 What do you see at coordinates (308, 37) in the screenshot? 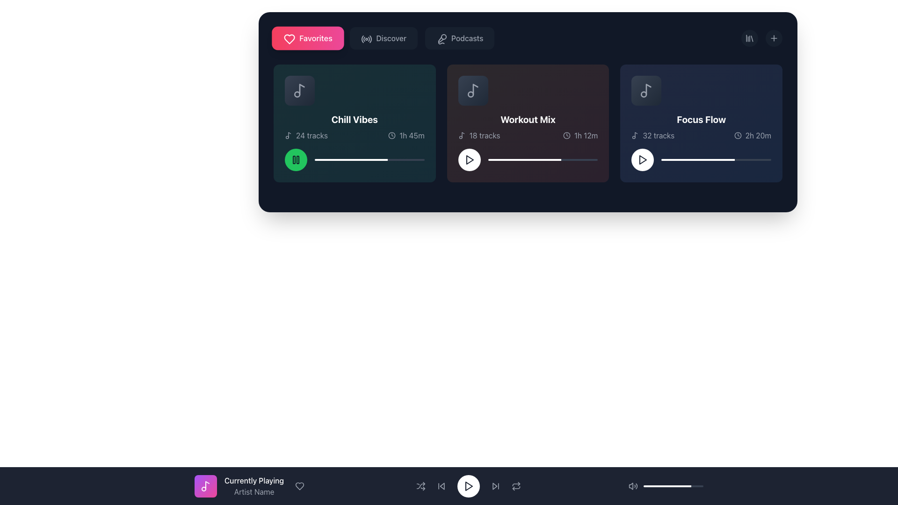
I see `the leftmost button labeled 'Favorites' with a gradient background and a heart icon` at bounding box center [308, 37].